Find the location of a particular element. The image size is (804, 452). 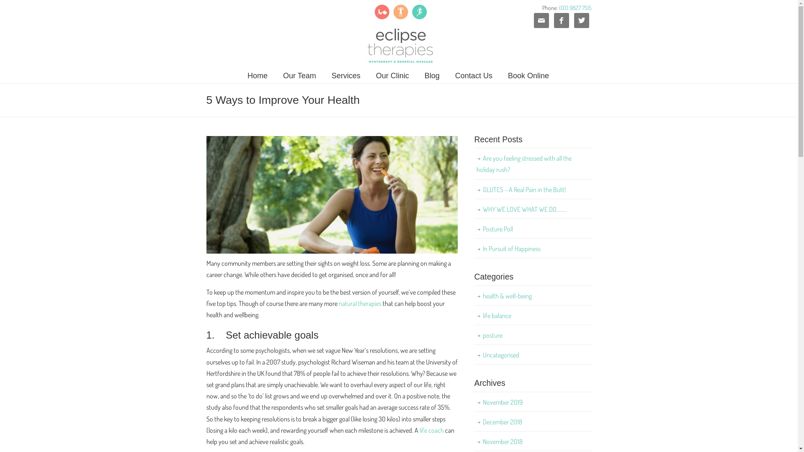

'natural therapies' is located at coordinates (360, 303).